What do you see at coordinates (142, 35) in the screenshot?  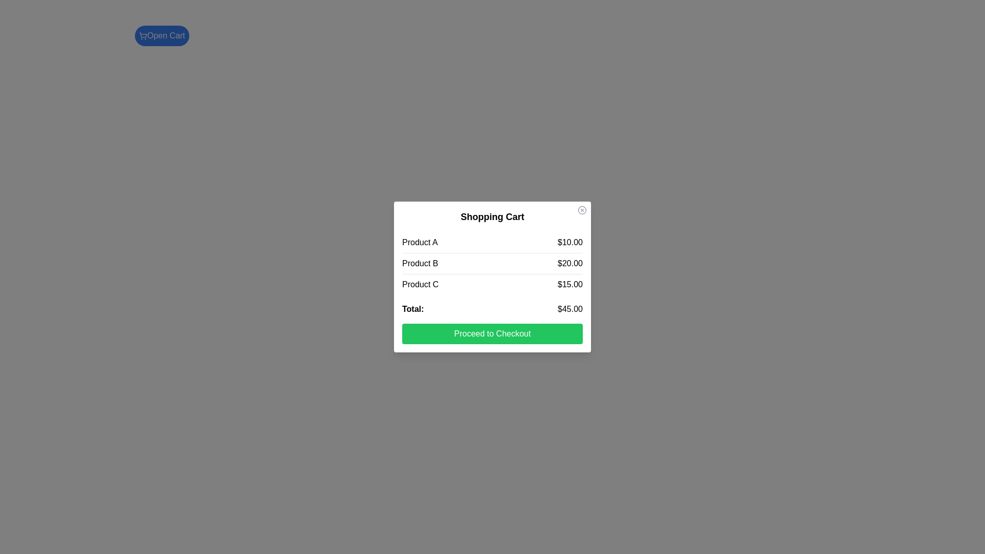 I see `the shopping cart SVG icon within the 'Open Cart' button` at bounding box center [142, 35].